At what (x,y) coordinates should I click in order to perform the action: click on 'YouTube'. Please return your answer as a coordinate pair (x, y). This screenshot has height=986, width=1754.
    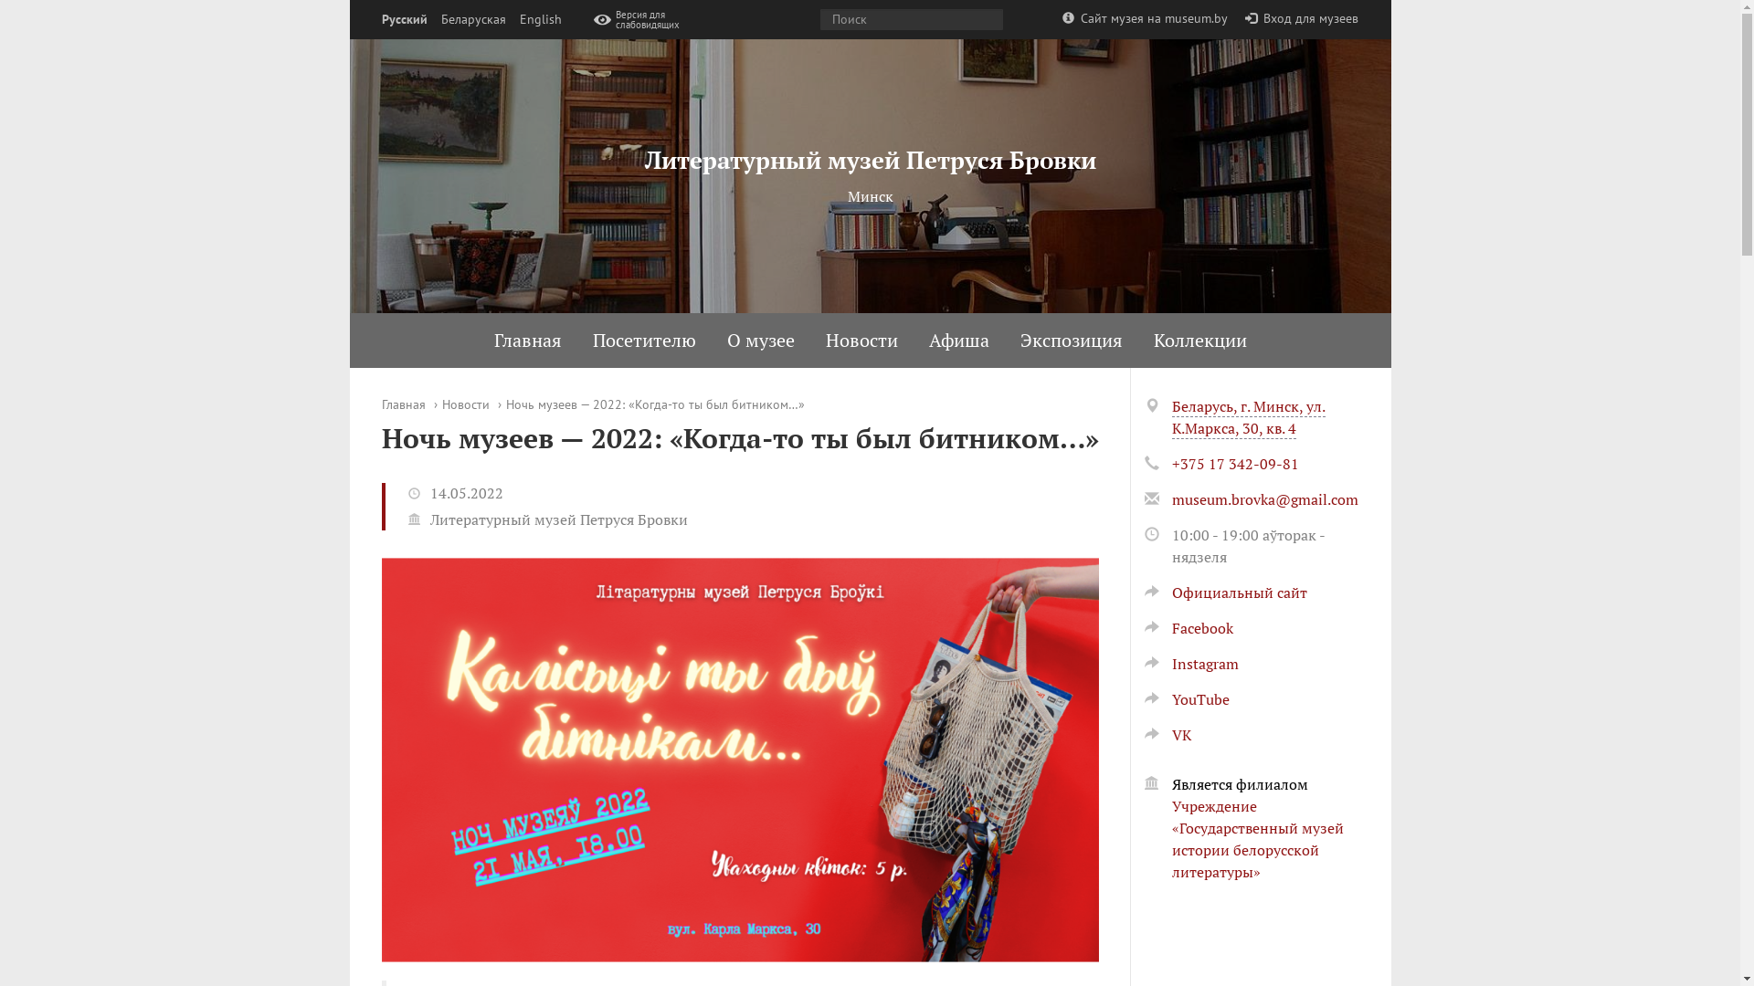
    Looking at the image, I should click on (1186, 698).